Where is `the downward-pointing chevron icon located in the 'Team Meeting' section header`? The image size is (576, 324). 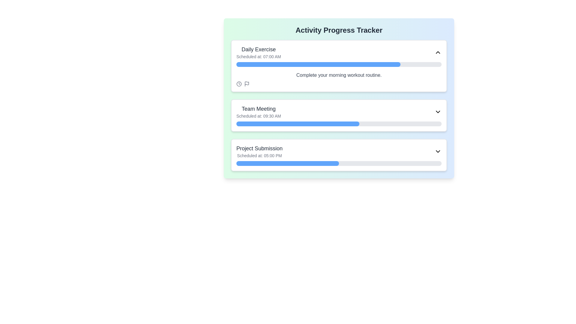 the downward-pointing chevron icon located in the 'Team Meeting' section header is located at coordinates (438, 112).